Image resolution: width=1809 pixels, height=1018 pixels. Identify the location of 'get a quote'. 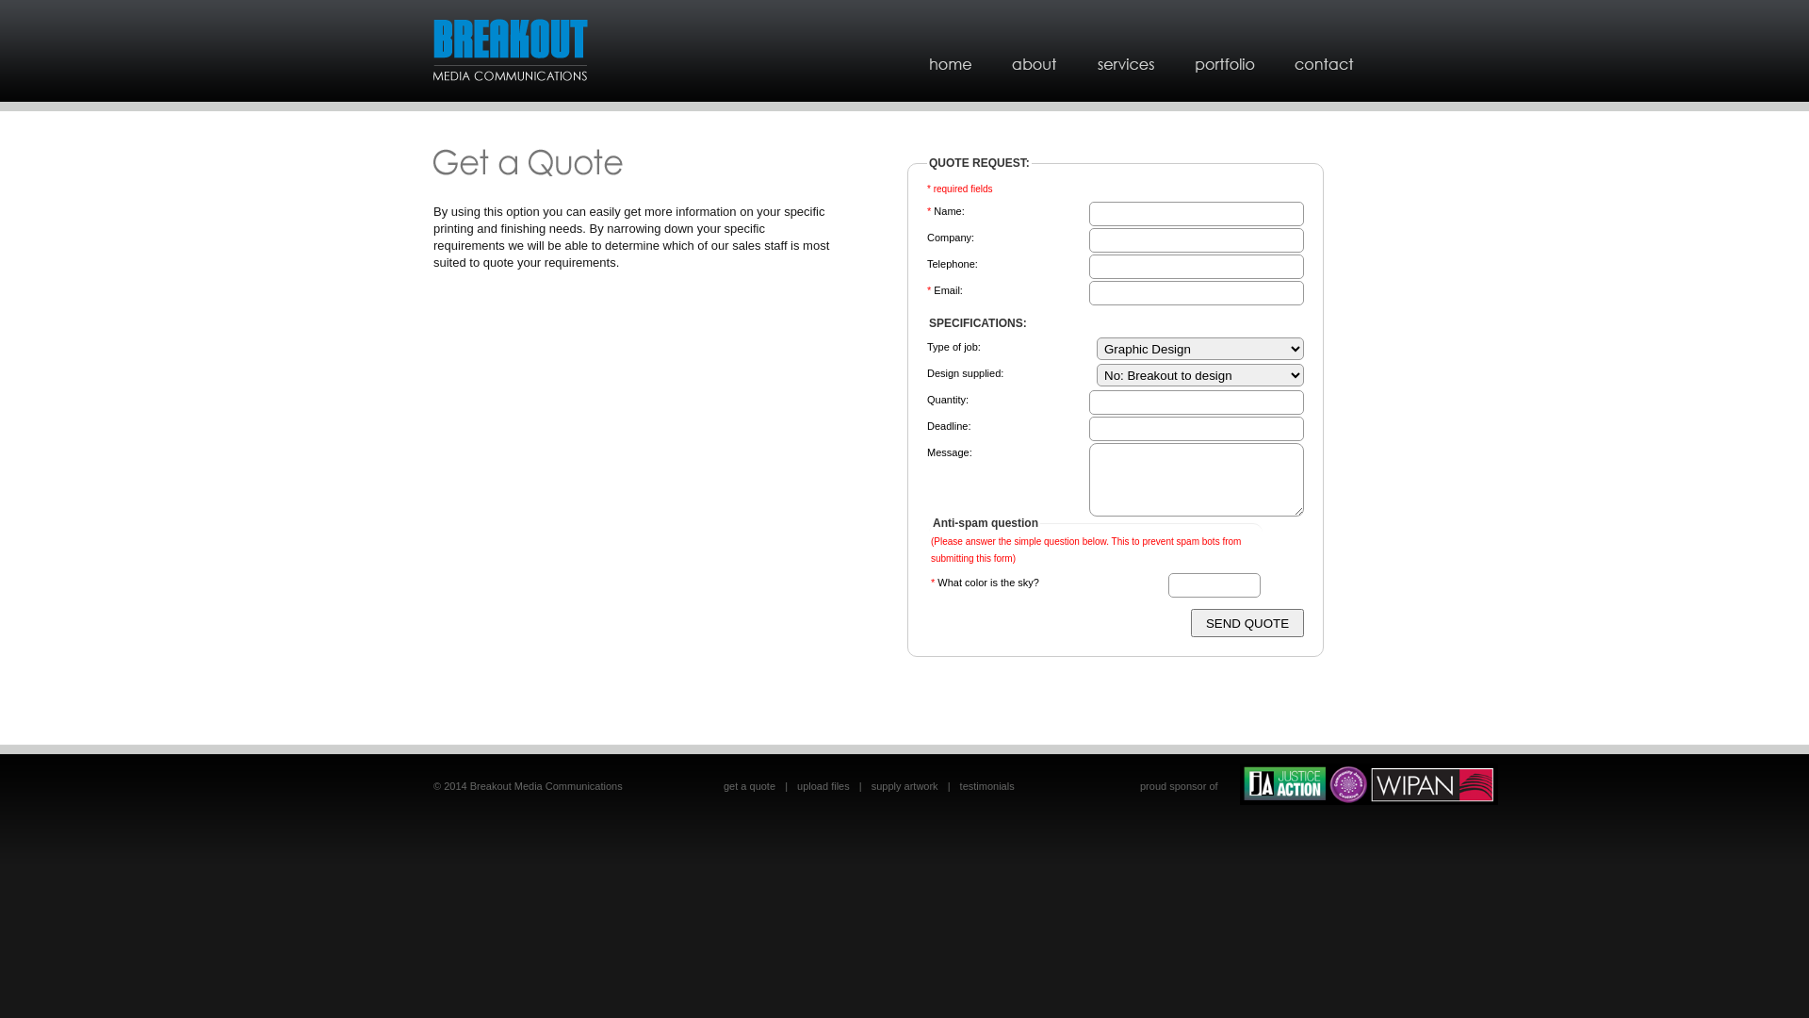
(748, 785).